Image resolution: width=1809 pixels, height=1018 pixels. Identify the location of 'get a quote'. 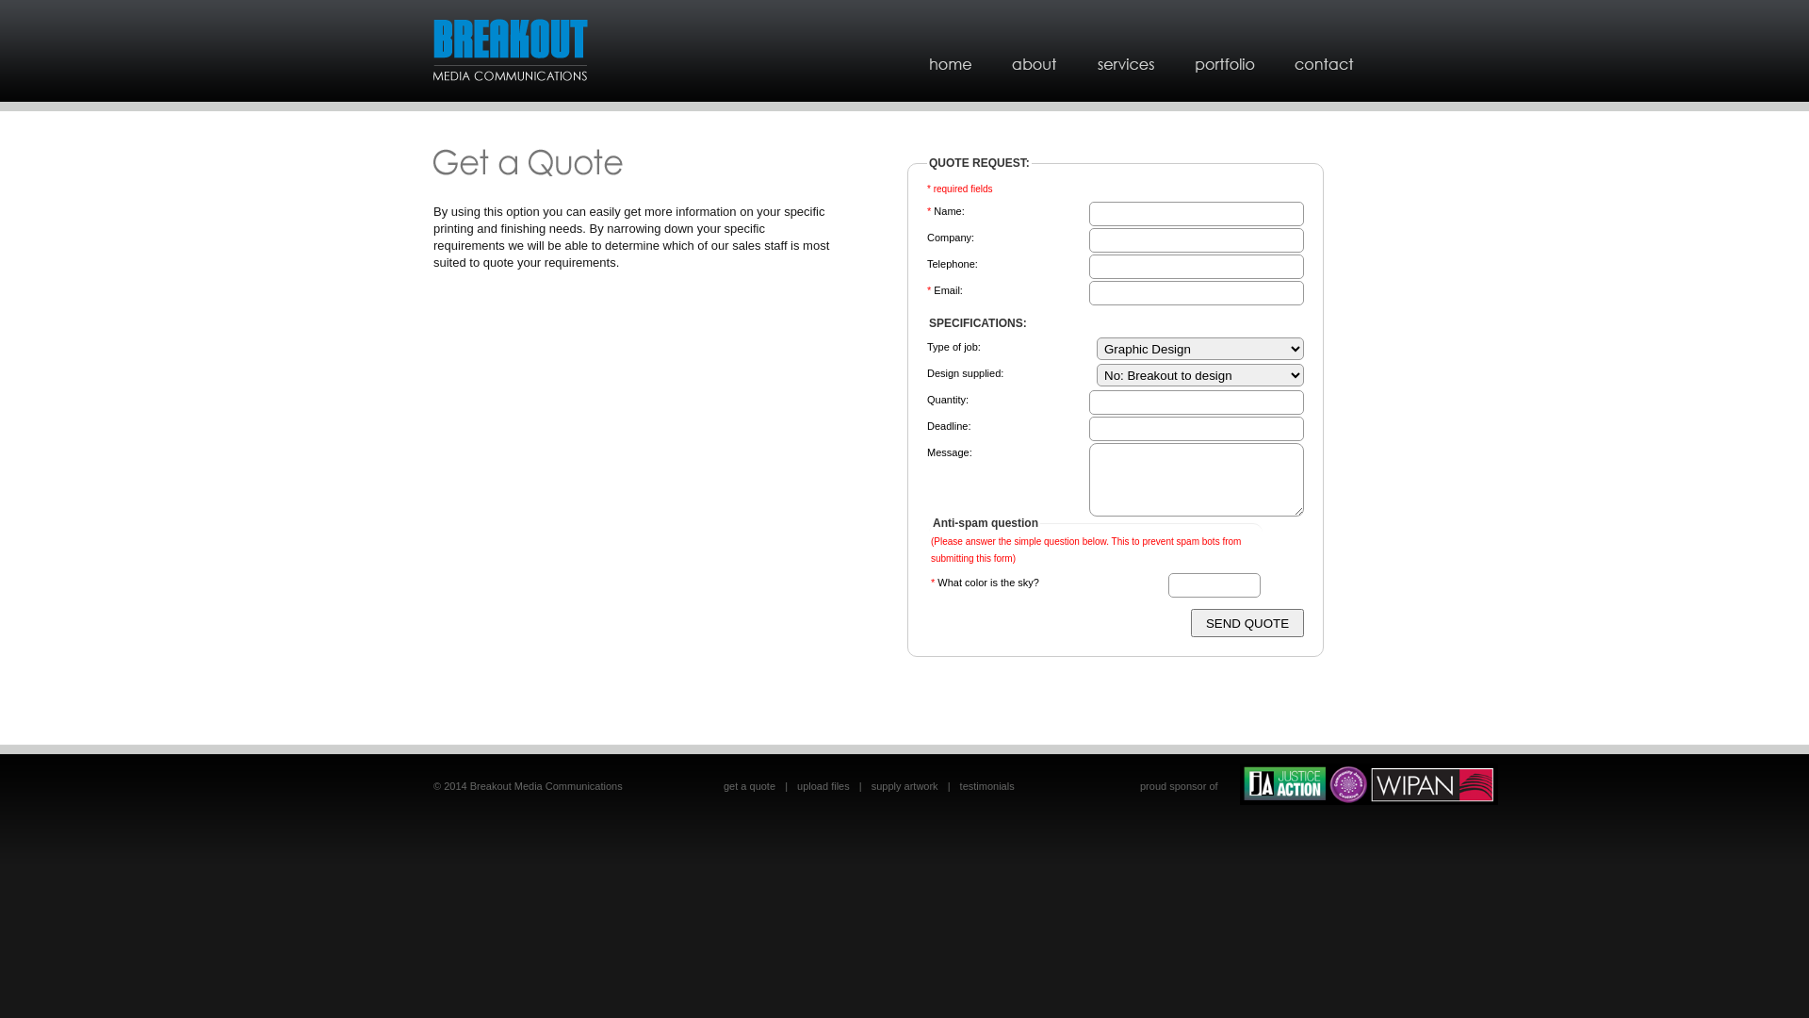
(748, 785).